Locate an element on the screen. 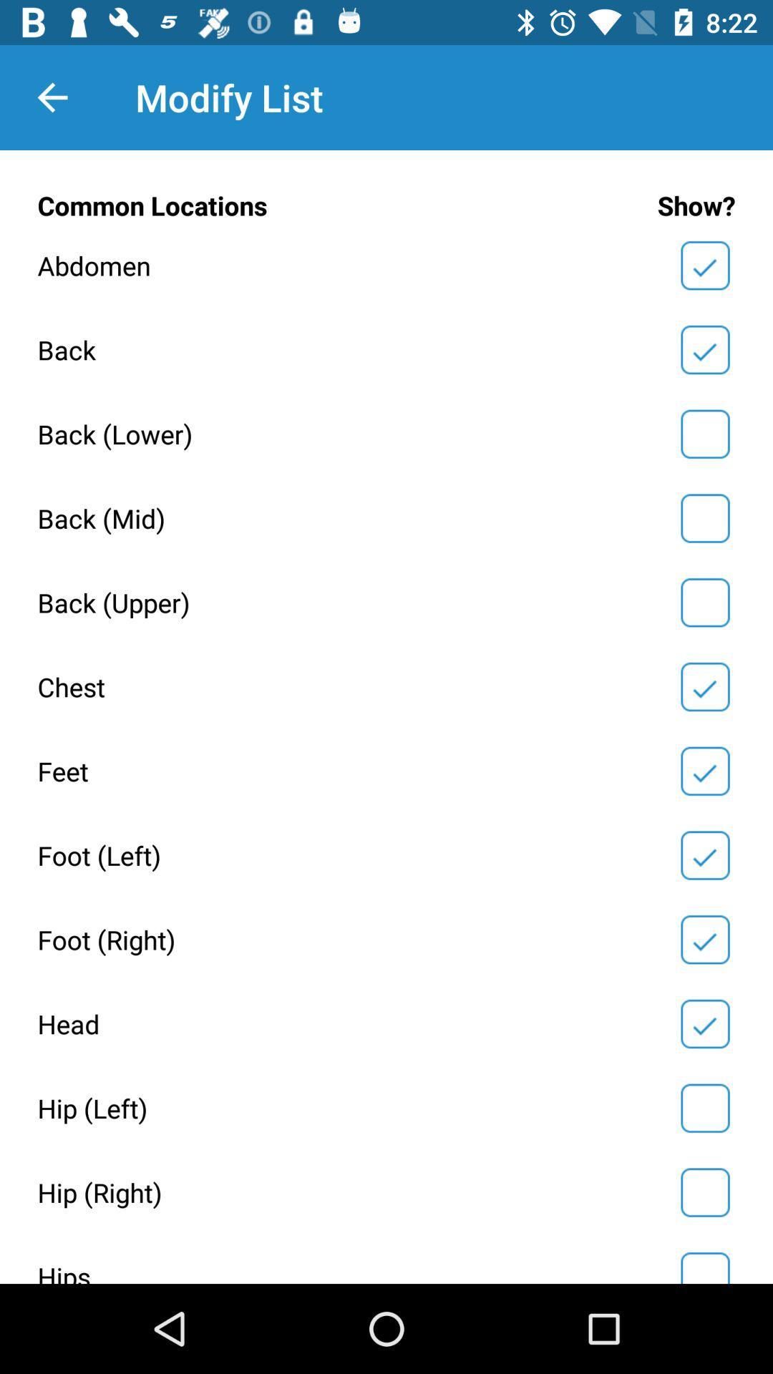 The width and height of the screenshot is (773, 1374). show abdomen option is located at coordinates (704, 265).